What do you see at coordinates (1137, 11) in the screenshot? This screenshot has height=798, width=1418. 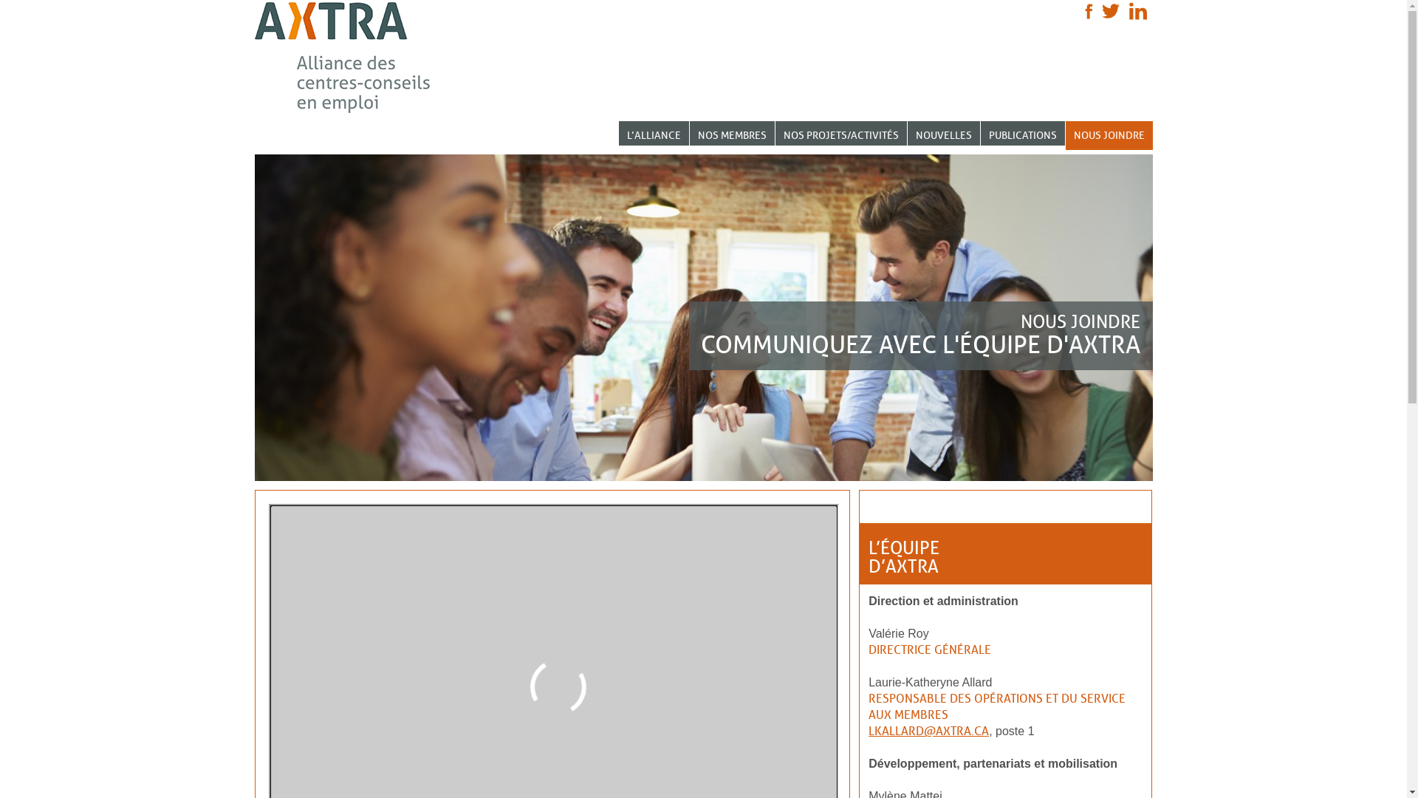 I see `'LinkedIn'` at bounding box center [1137, 11].